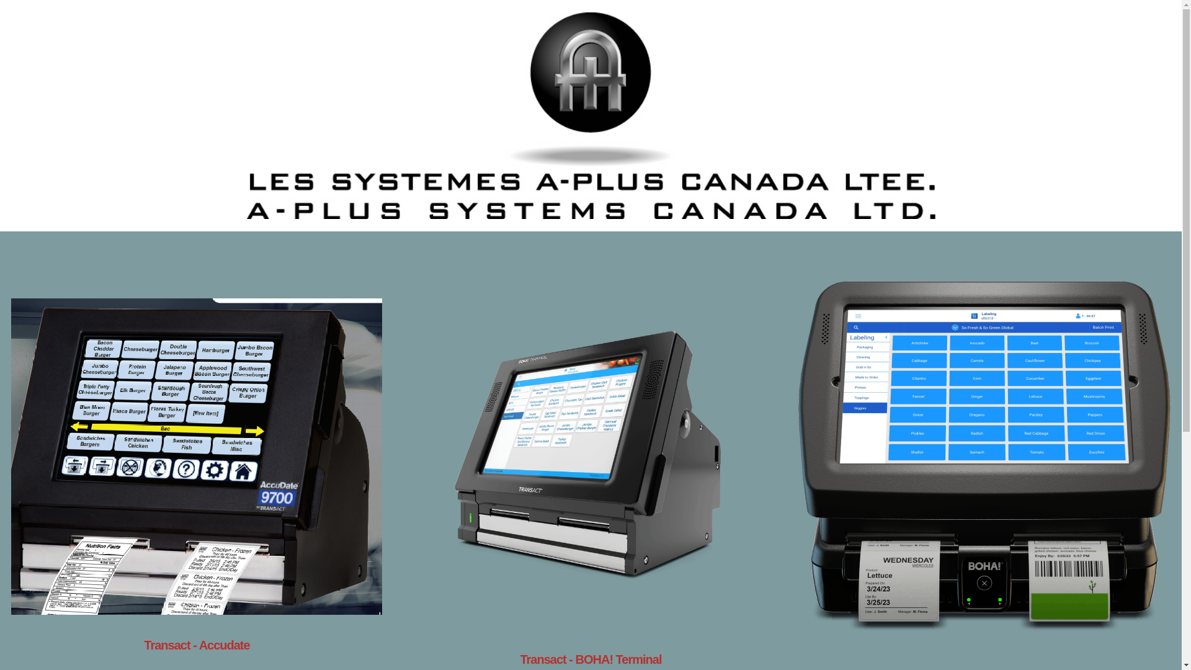 This screenshot has width=1191, height=670. What do you see at coordinates (591, 115) in the screenshot?
I see `'A-PLUS SYSTEMS CANADA LTD'` at bounding box center [591, 115].